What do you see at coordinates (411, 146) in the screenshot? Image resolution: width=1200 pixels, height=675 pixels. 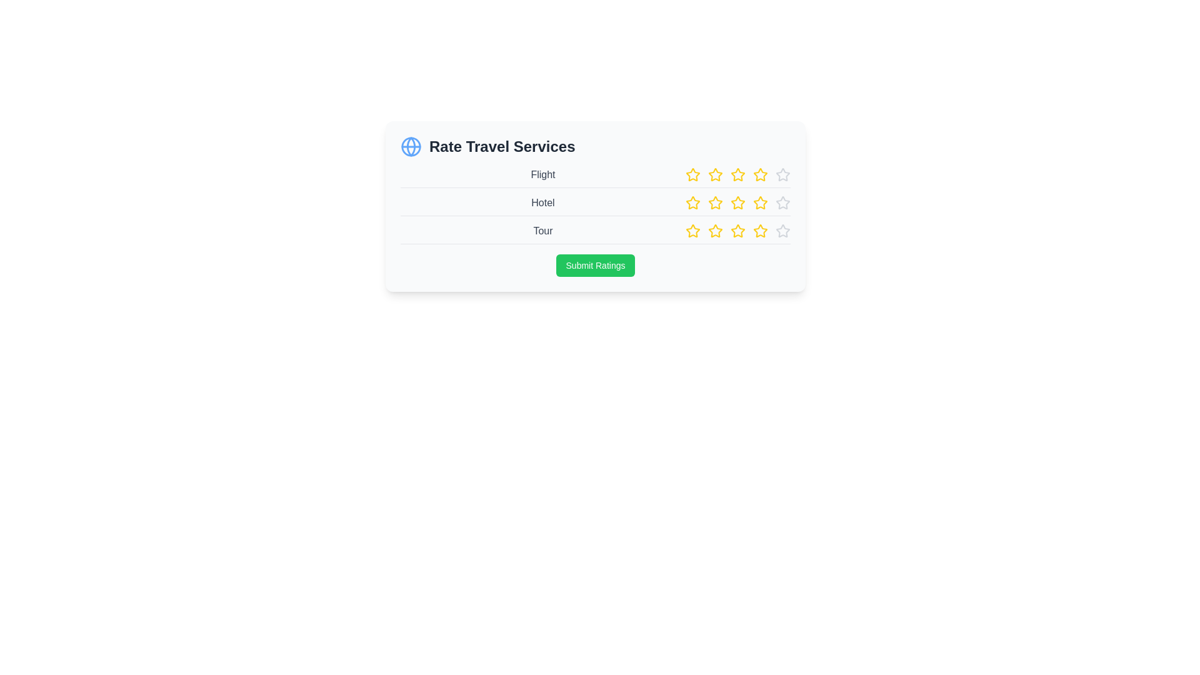 I see `the decorative icon located at the top-left of the 'Rate Travel Services' card, which visually indicates the relevance of the section it precedes` at bounding box center [411, 146].